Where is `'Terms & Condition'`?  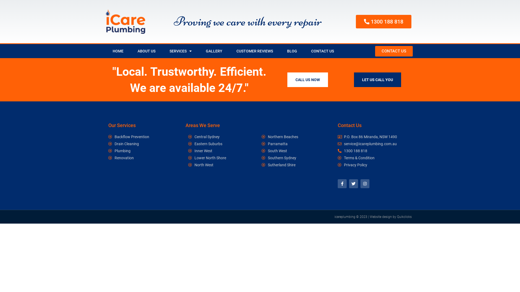 'Terms & Condition' is located at coordinates (373, 158).